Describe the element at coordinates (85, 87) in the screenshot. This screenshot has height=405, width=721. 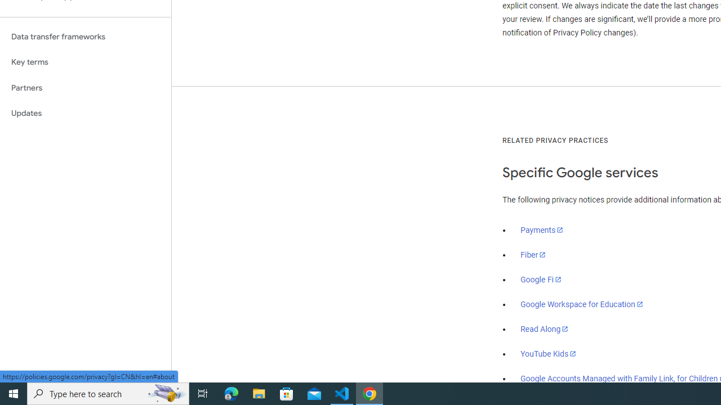
I see `'Partners'` at that location.